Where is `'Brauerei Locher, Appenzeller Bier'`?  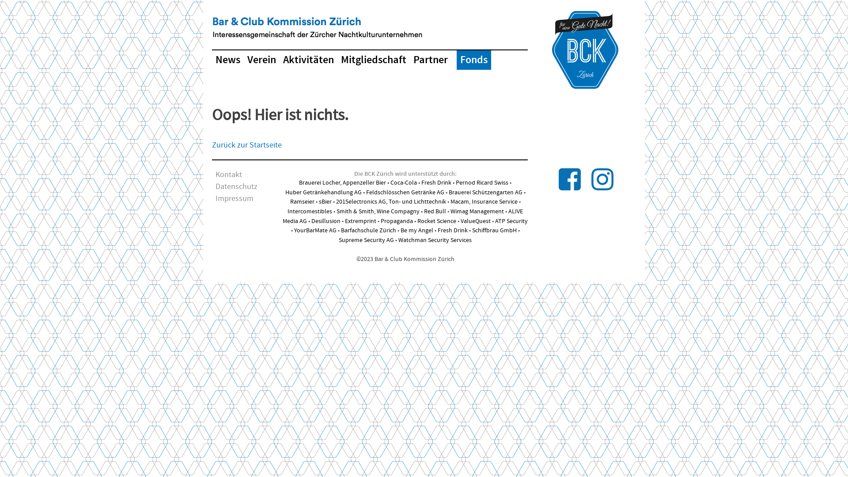
'Brauerei Locher, Appenzeller Bier' is located at coordinates (299, 182).